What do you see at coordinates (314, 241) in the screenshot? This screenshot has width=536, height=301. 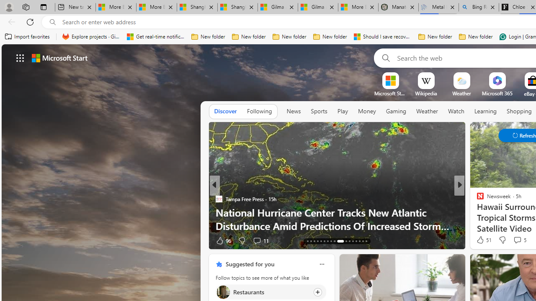 I see `'AutomationID: tab-19'` at bounding box center [314, 241].